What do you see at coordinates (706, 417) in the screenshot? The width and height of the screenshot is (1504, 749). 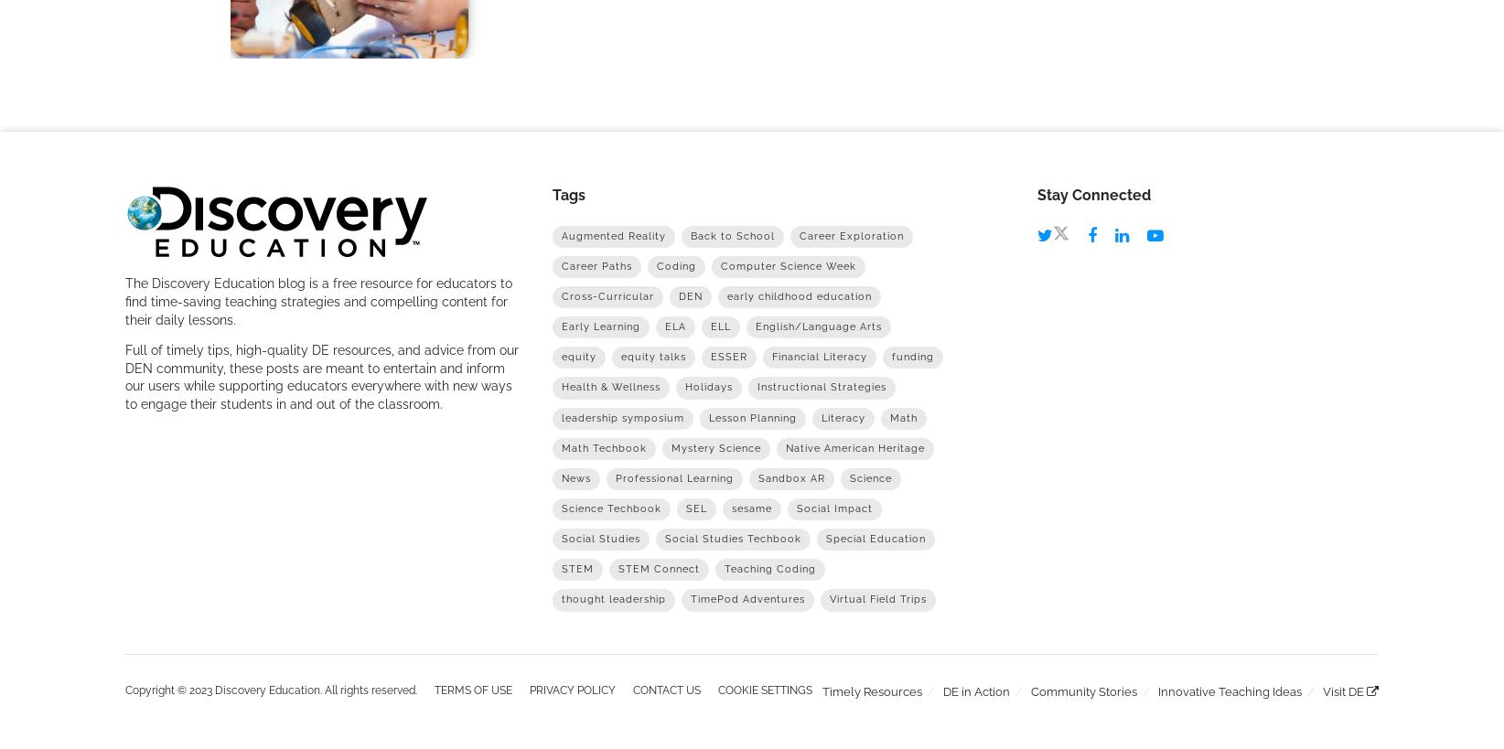 I see `'Lesson Planning'` at bounding box center [706, 417].